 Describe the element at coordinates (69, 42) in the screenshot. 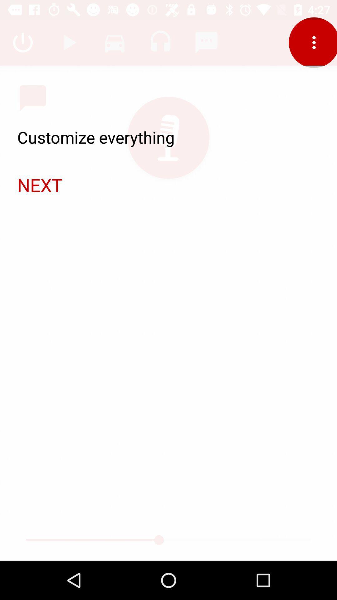

I see `the send icon` at that location.